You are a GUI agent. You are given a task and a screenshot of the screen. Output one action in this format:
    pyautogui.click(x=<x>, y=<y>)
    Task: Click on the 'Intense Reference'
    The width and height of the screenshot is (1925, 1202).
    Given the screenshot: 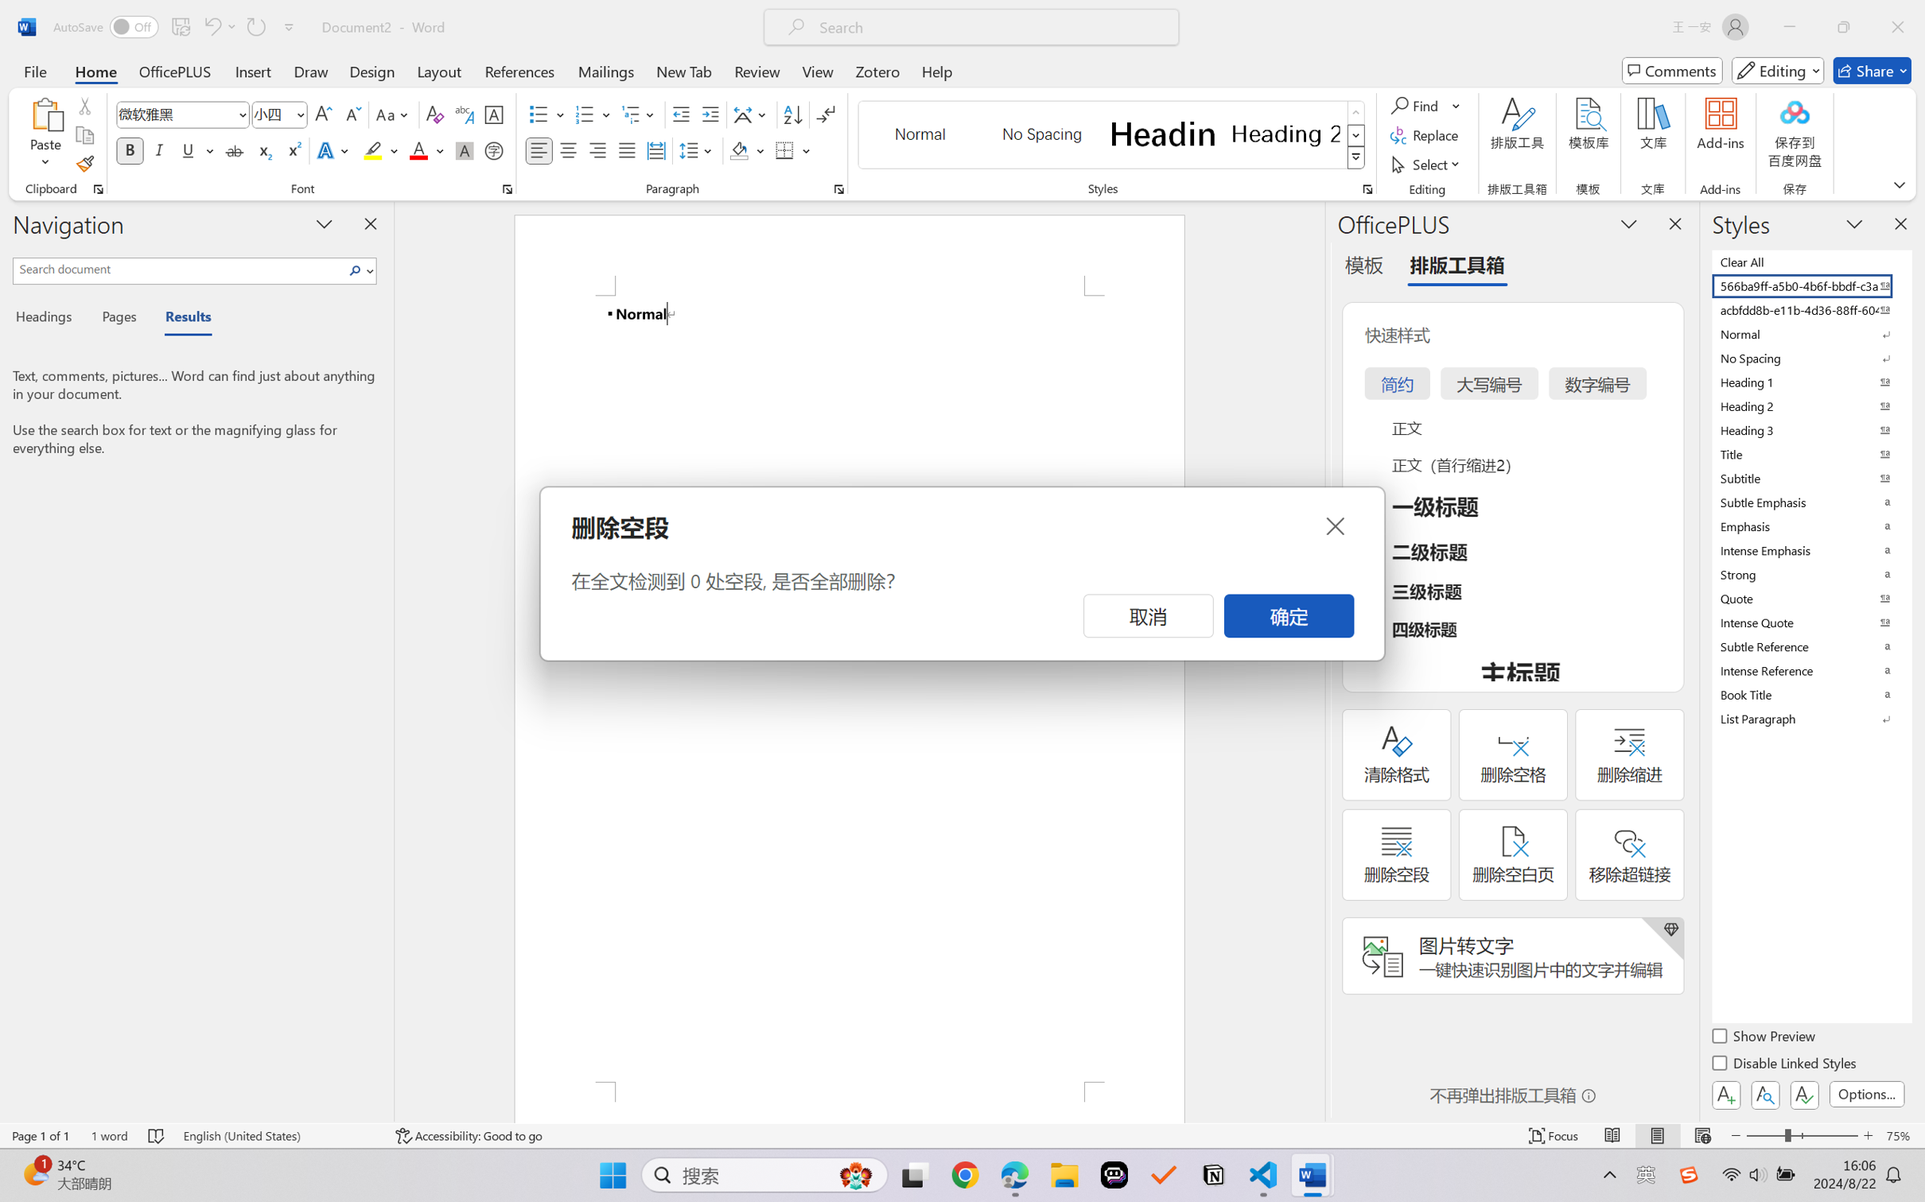 What is the action you would take?
    pyautogui.click(x=1810, y=670)
    